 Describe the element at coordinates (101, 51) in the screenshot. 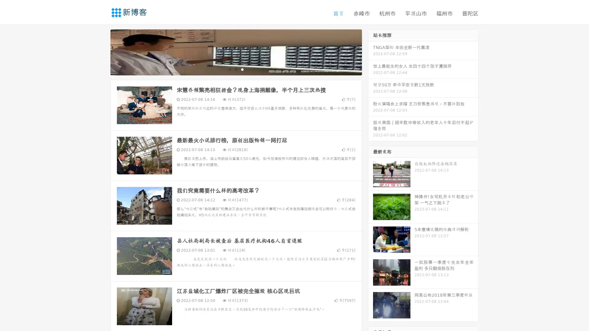

I see `Previous slide` at that location.